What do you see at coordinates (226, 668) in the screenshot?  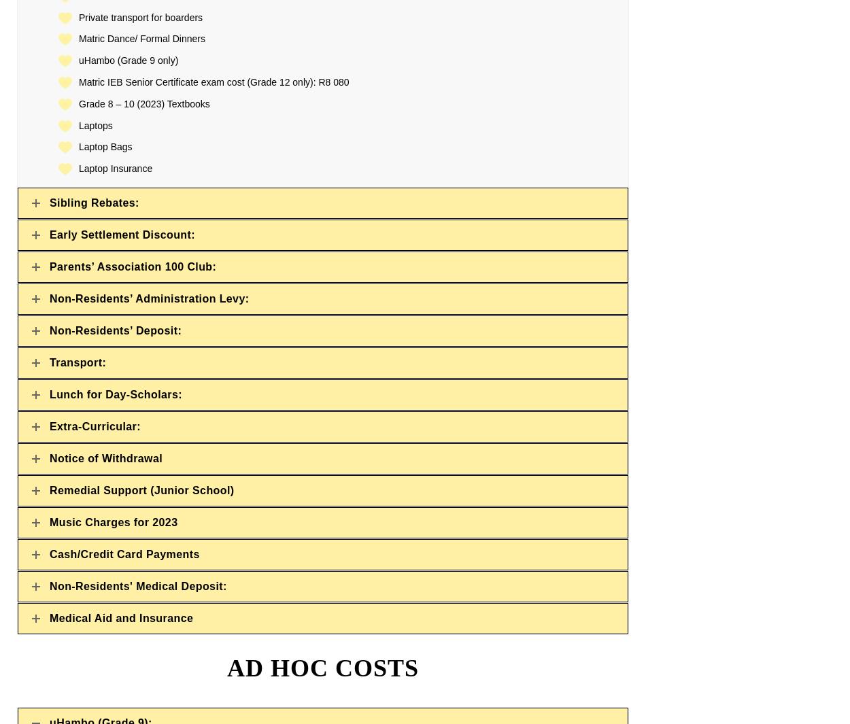 I see `'AD HOC COSTS'` at bounding box center [226, 668].